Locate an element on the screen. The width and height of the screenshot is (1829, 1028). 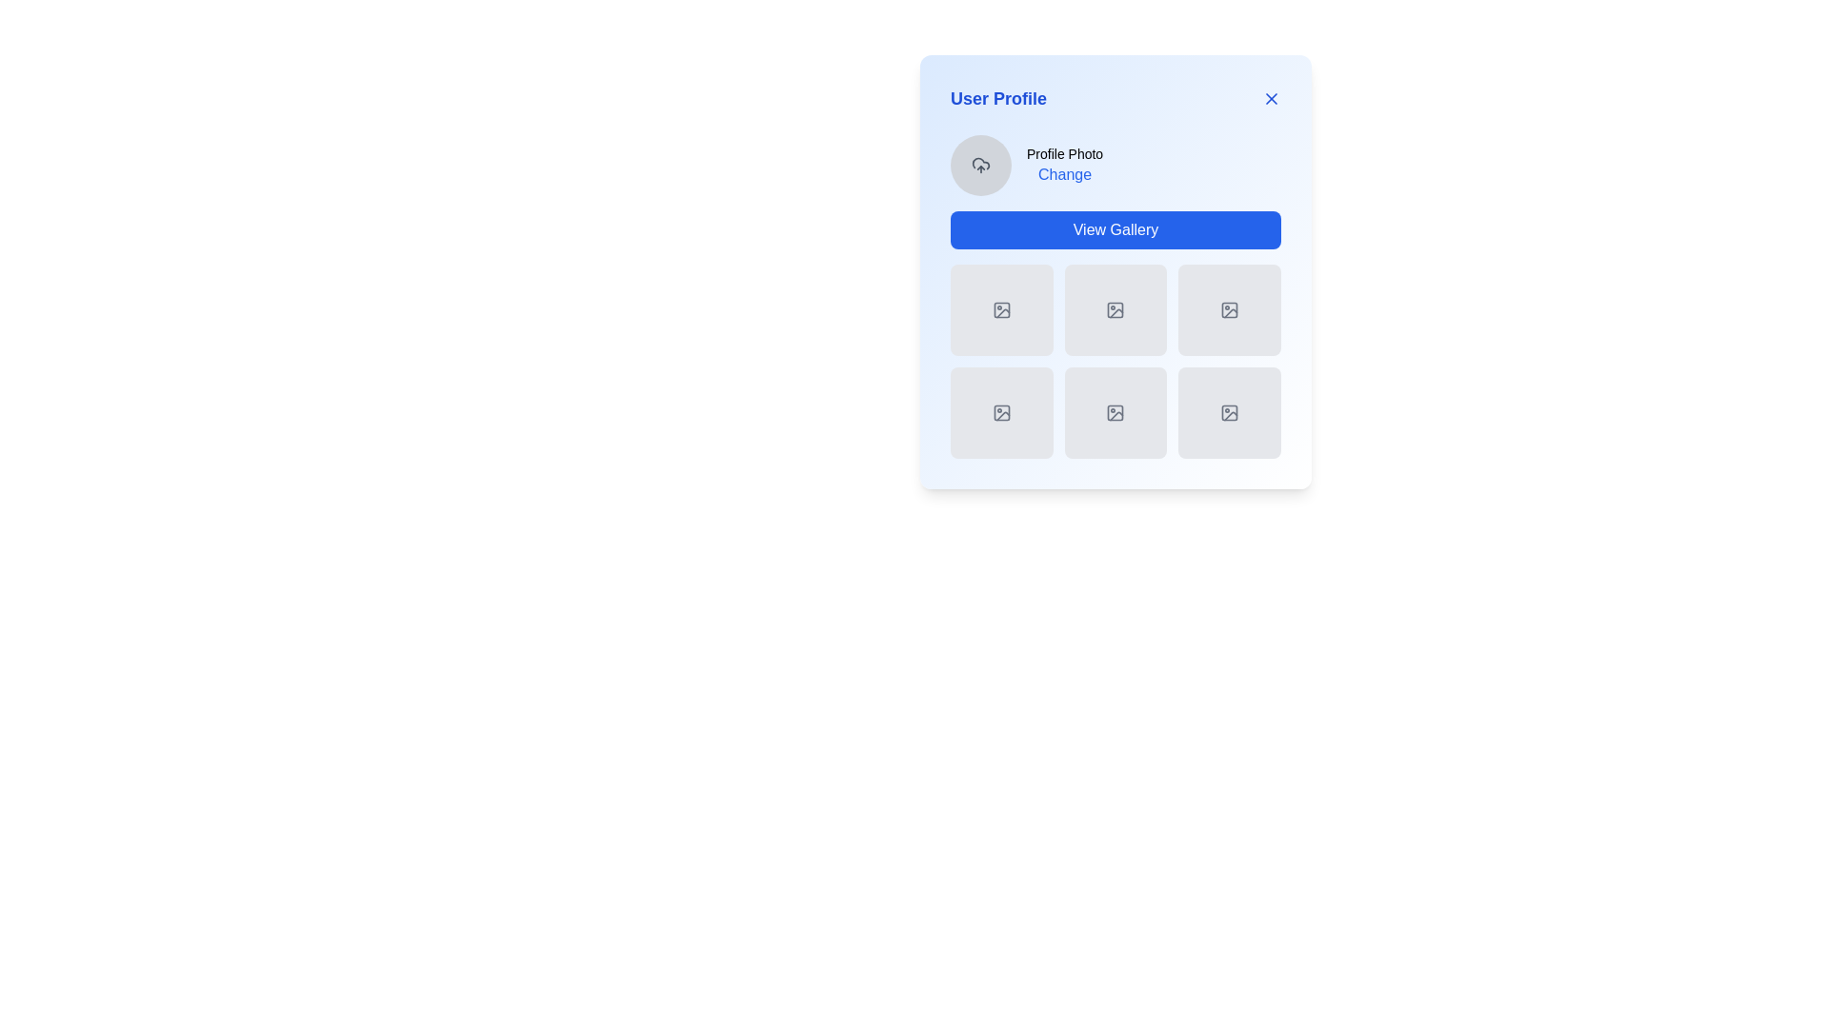
the image placeholder element with a light gray background, located in the center of a grid layout is located at coordinates (1115, 271).